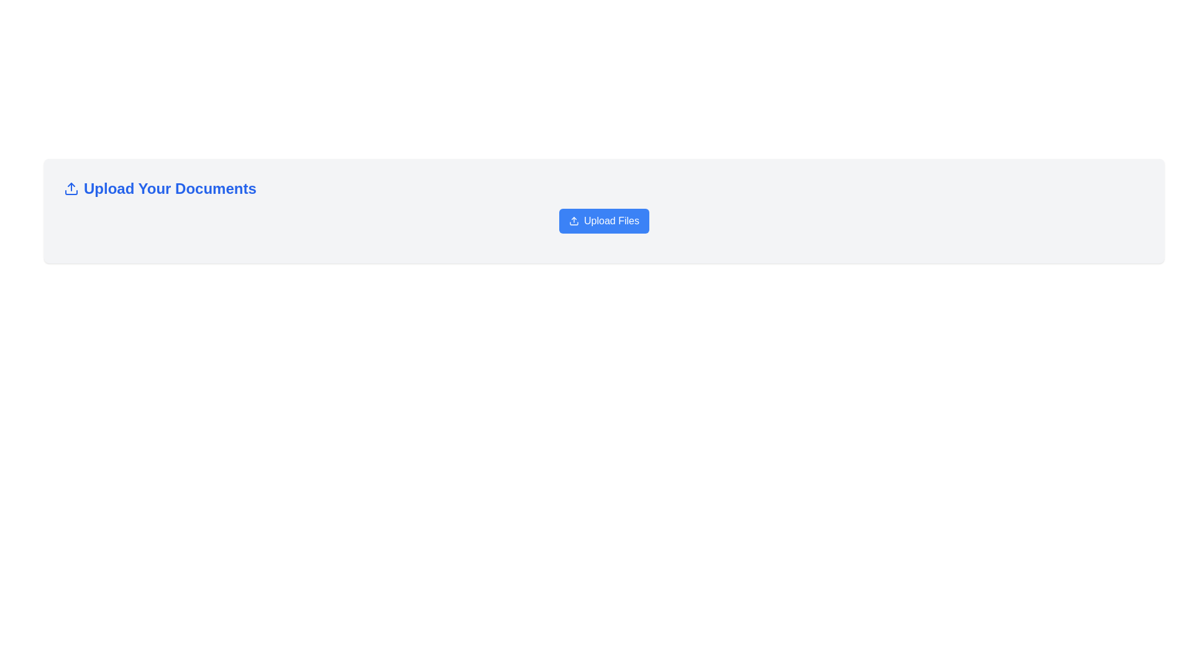 Image resolution: width=1193 pixels, height=671 pixels. What do you see at coordinates (574, 220) in the screenshot?
I see `the upload SVG icon within the blue 'Upload Files' button` at bounding box center [574, 220].